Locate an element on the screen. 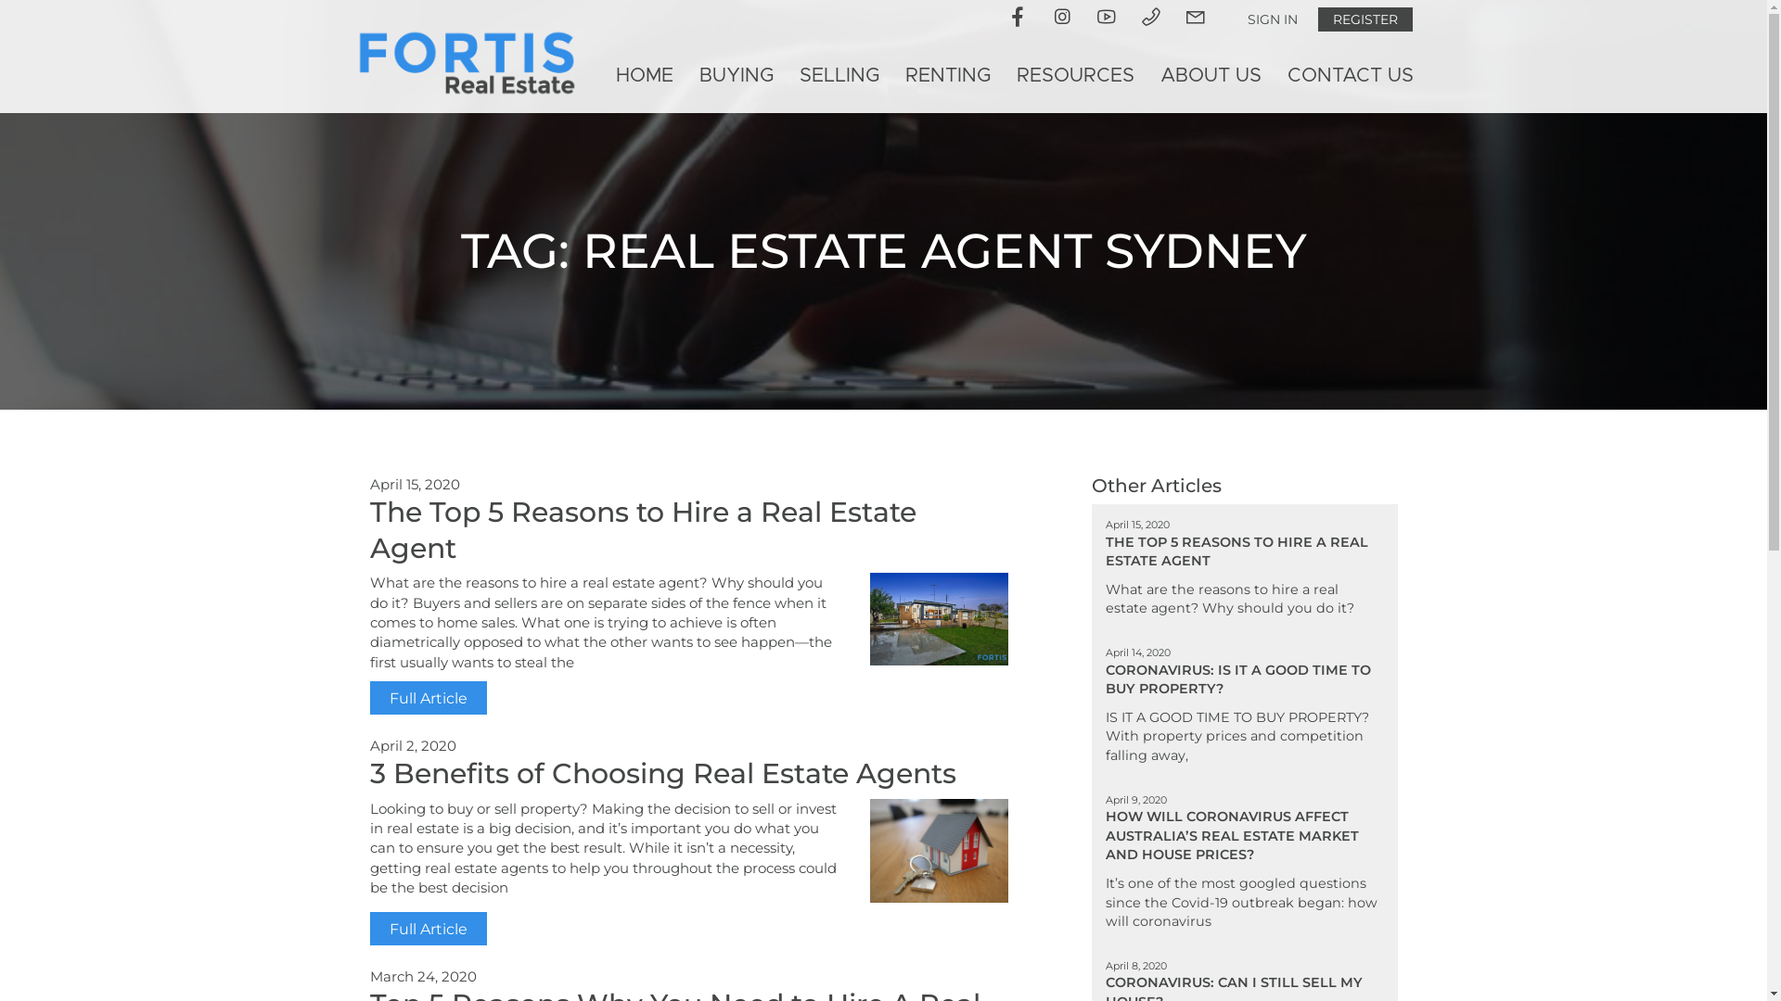  'SELLING' is located at coordinates (839, 74).